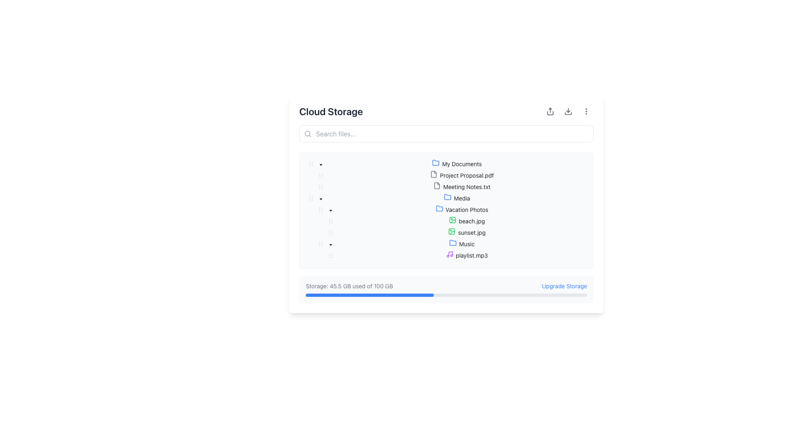 This screenshot has width=785, height=441. I want to click on the music icon located next to the 'Music' label under the 'Vacation Photos' section, so click(449, 254).